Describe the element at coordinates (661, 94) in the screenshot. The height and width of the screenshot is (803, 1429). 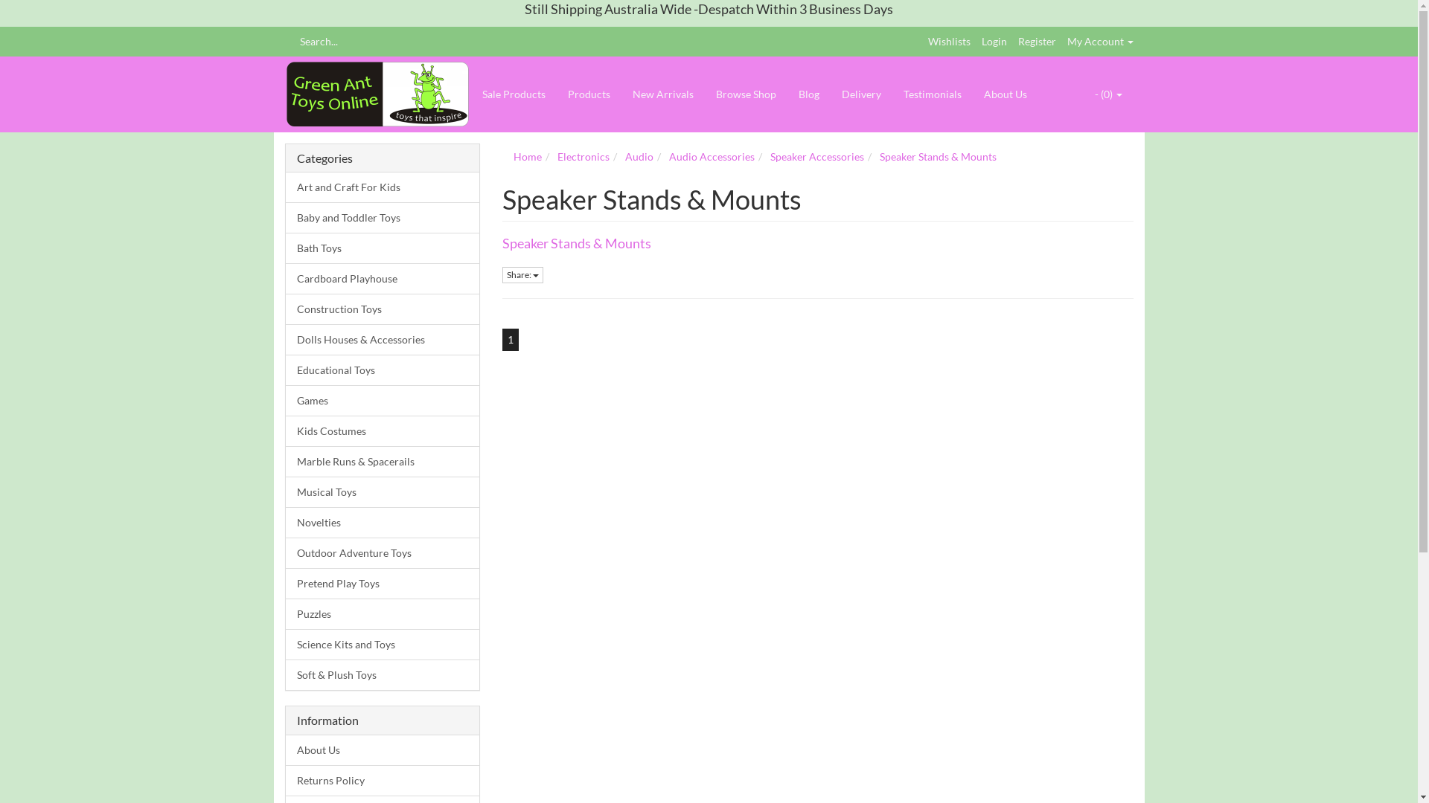
I see `'New Arrivals'` at that location.